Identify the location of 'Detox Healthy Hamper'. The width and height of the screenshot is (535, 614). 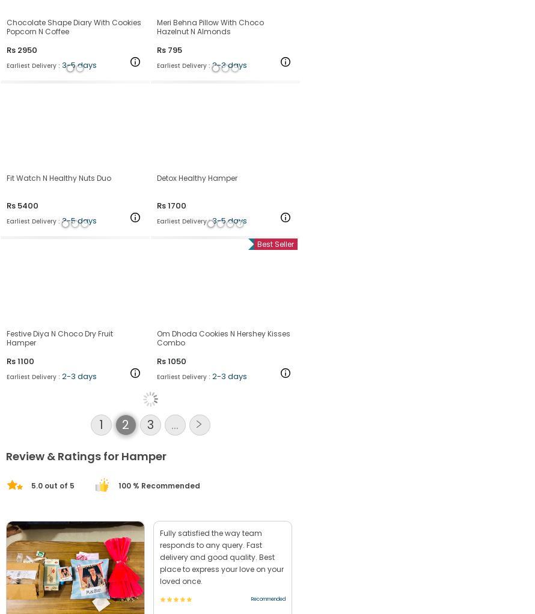
(197, 236).